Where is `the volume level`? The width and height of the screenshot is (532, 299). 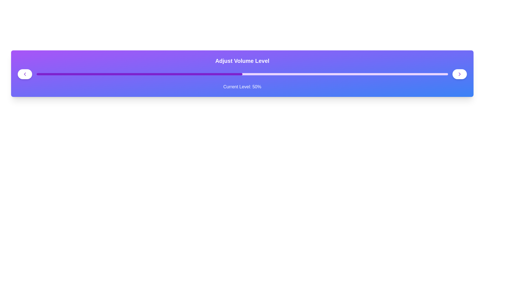
the volume level is located at coordinates (49, 74).